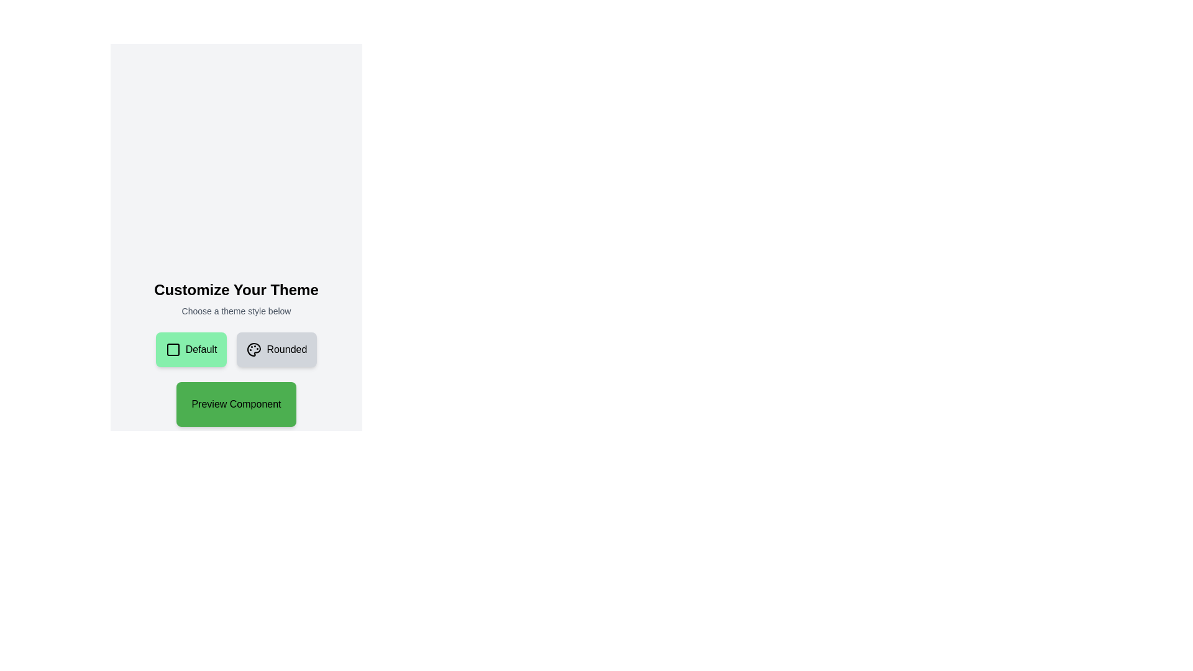 The height and width of the screenshot is (671, 1193). Describe the element at coordinates (236, 290) in the screenshot. I see `the prominent text header displaying 'Customize Your Theme', which is styled in a bold, large font and located at the top of the content section` at that location.